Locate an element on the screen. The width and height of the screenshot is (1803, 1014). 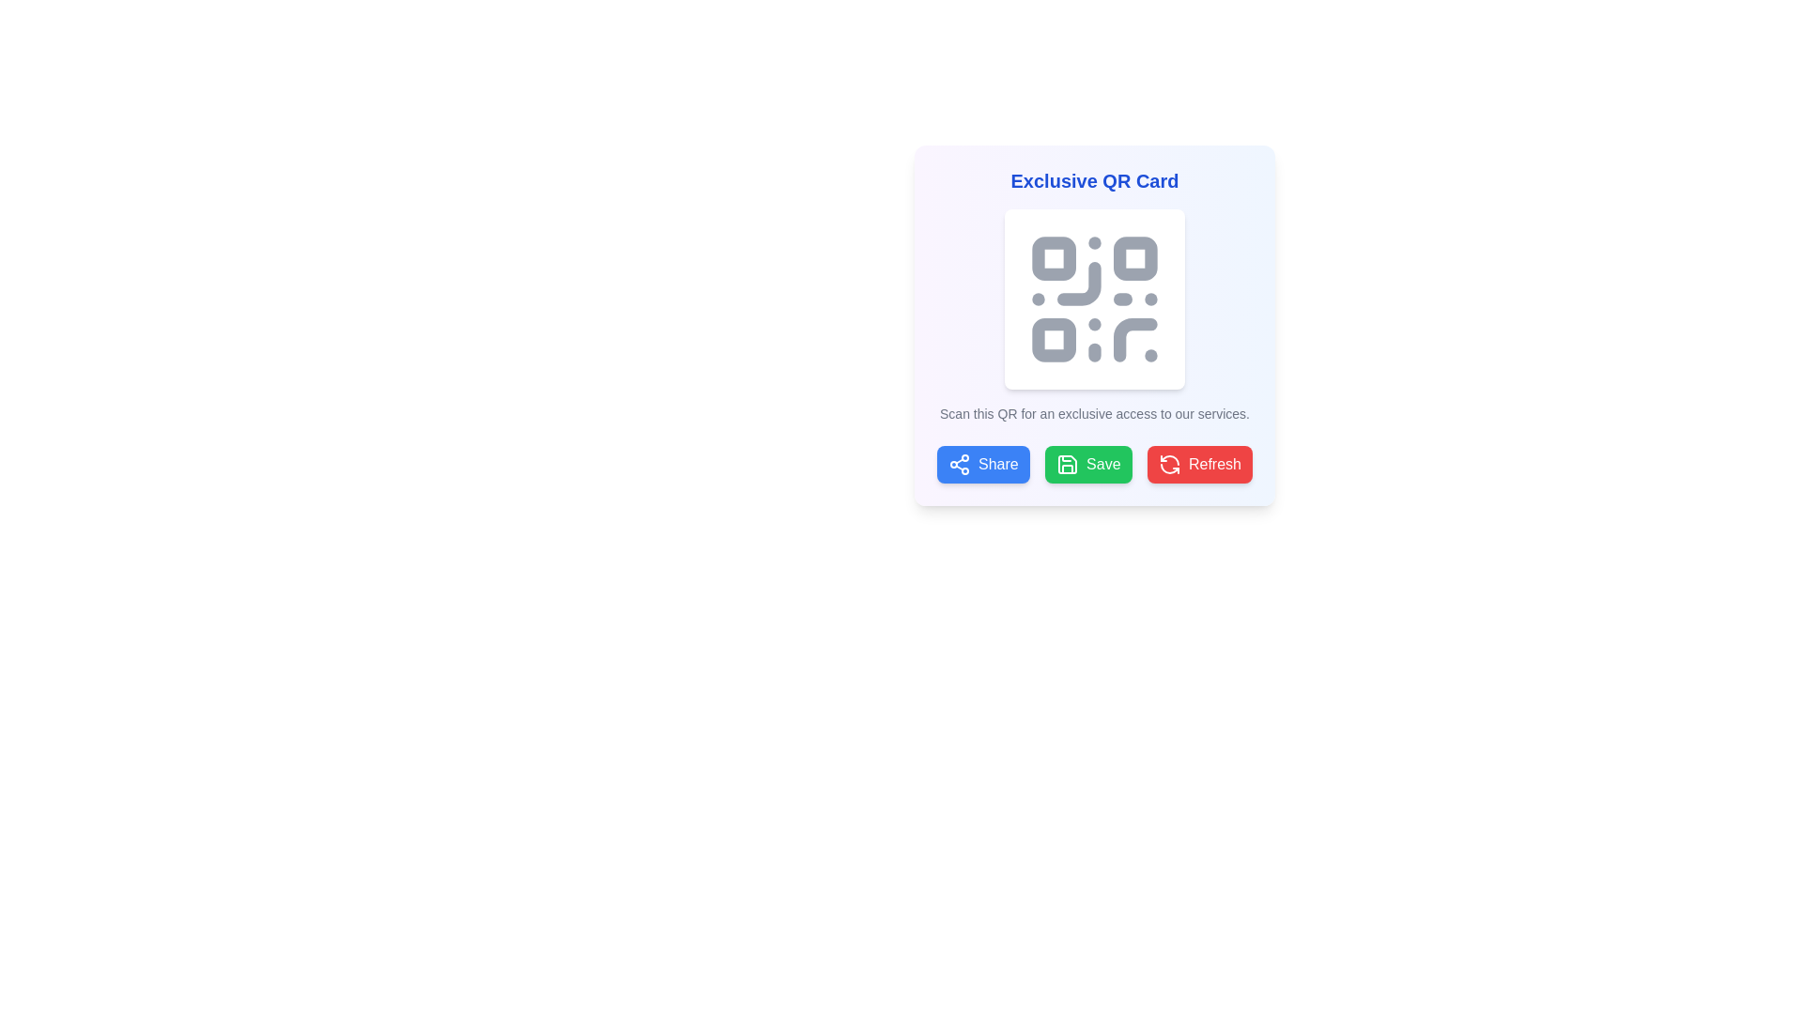
the gray arc-like Icon component located in the bottom-right quadrant of the QR code graphic is located at coordinates (1134, 340).